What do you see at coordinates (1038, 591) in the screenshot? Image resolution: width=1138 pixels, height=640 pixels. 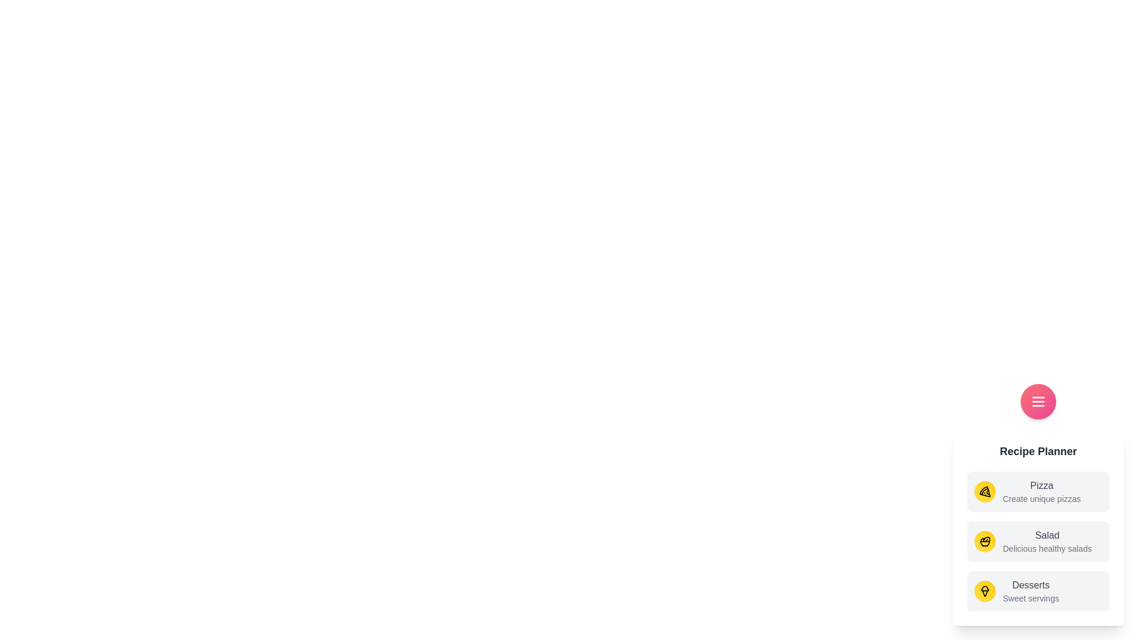 I see `the recipe option Desserts` at bounding box center [1038, 591].